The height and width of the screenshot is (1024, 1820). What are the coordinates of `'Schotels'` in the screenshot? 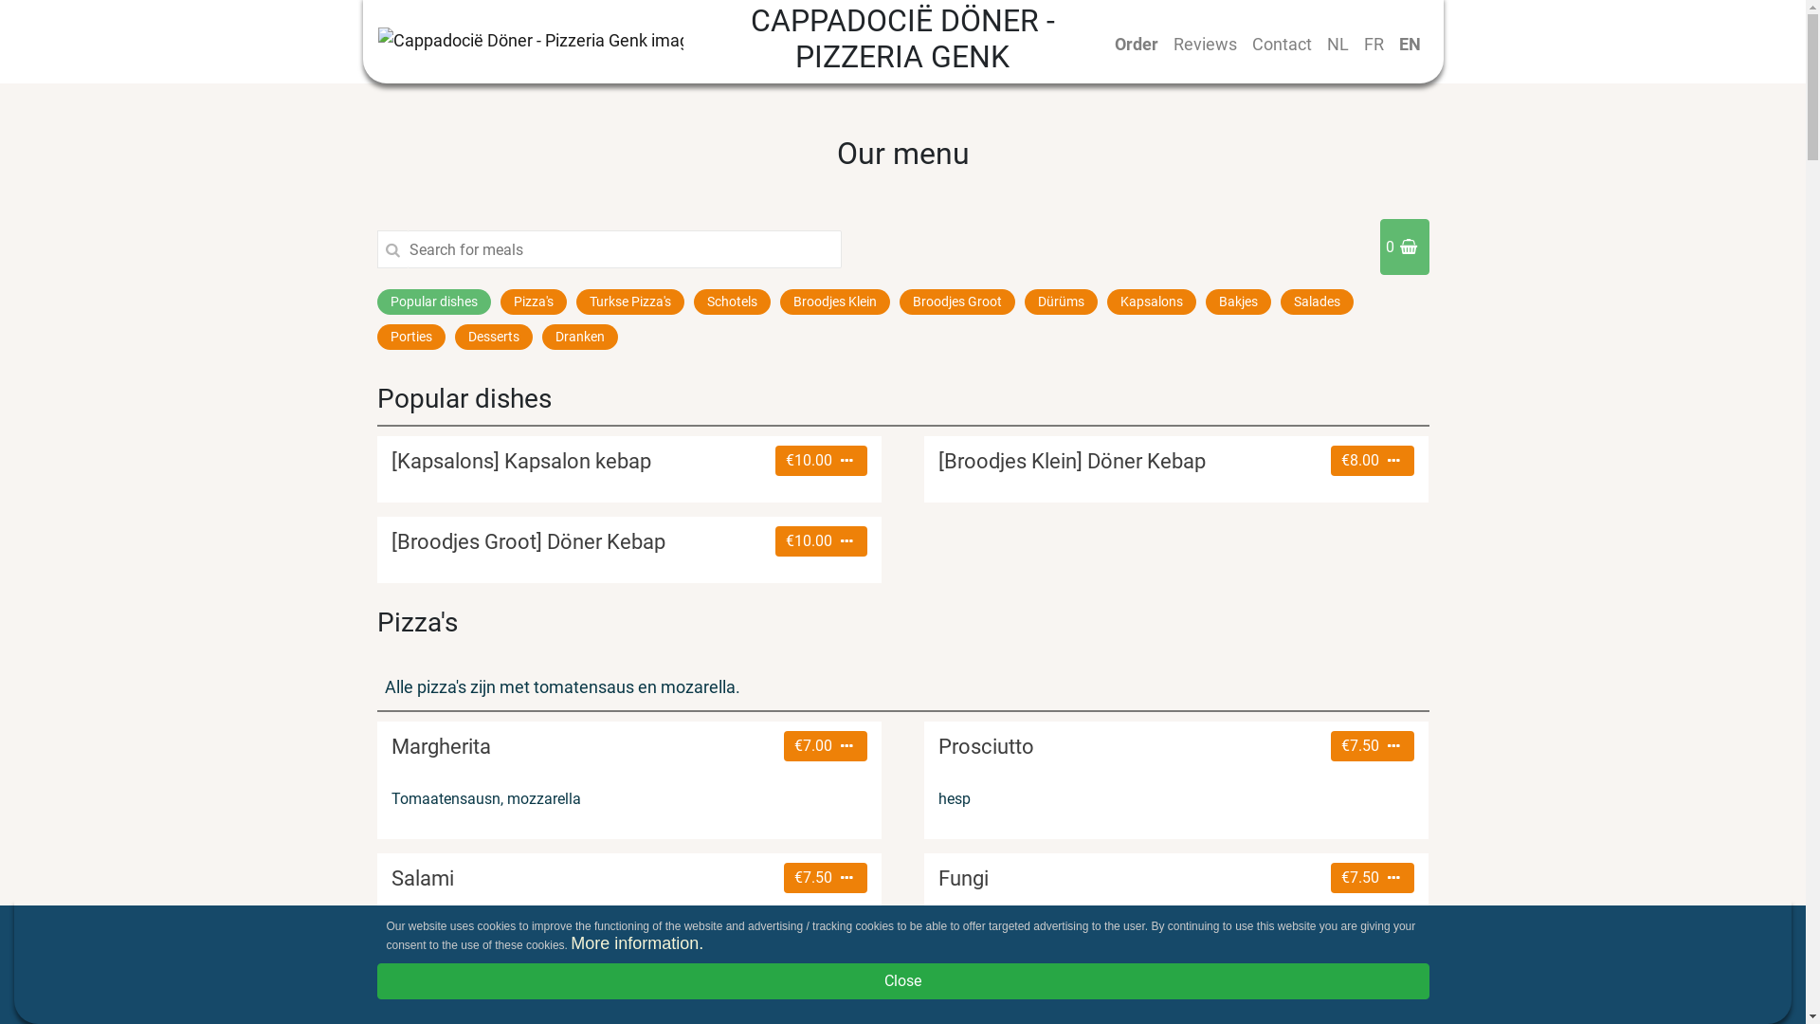 It's located at (731, 301).